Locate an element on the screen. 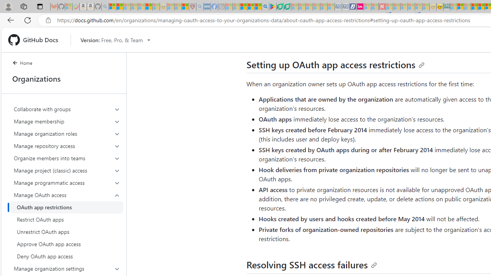  'Manage membership' is located at coordinates (67, 121).